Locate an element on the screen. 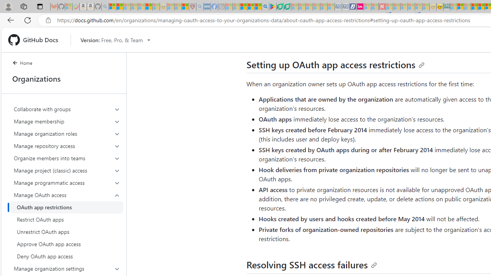  'Manage membership' is located at coordinates (67, 121).